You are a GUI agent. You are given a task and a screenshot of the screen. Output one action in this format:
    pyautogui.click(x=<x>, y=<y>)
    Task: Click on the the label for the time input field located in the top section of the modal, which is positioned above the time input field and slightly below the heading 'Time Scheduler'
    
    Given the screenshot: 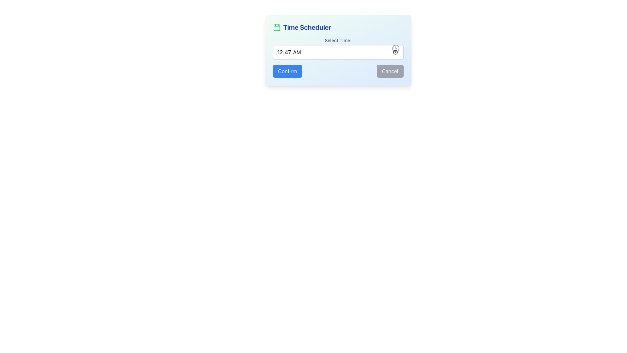 What is the action you would take?
    pyautogui.click(x=338, y=40)
    